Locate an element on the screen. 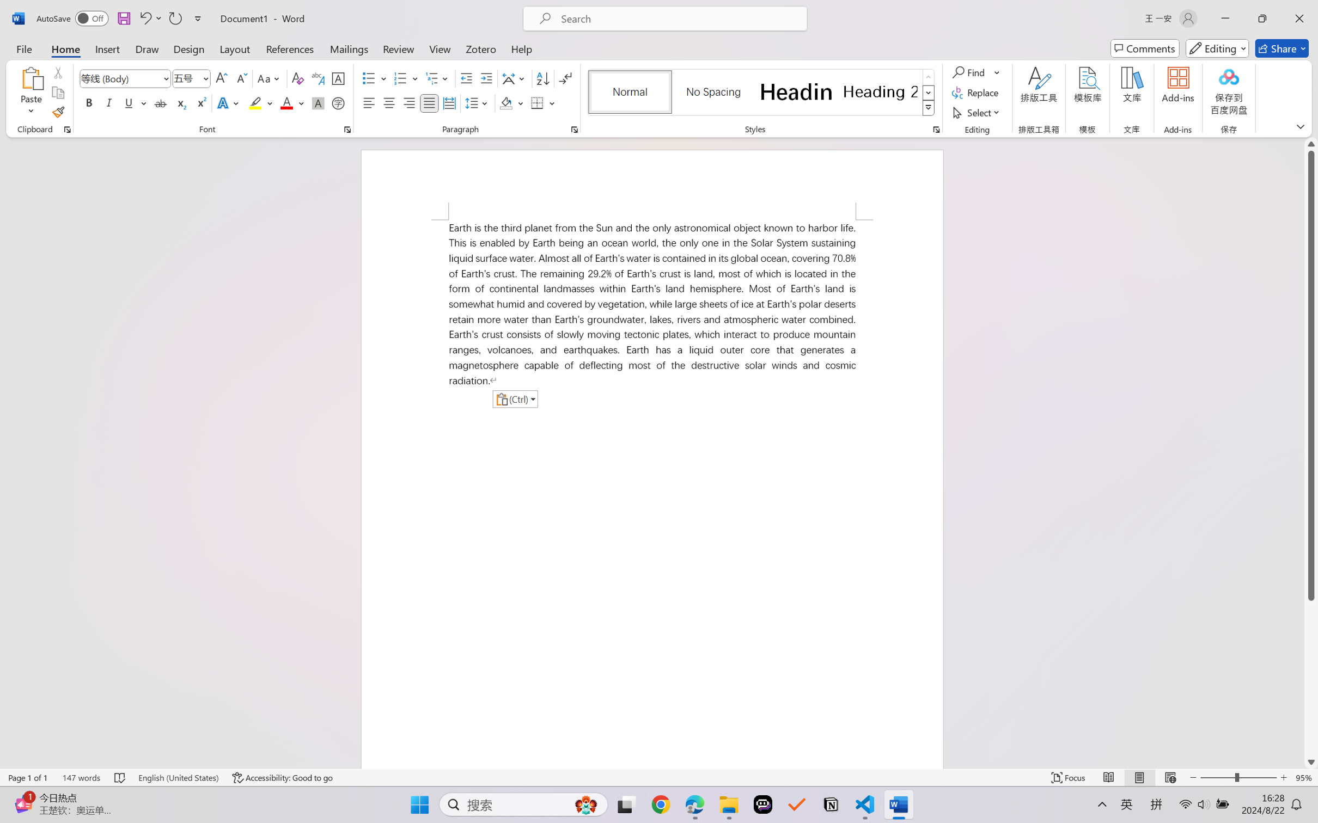  'Help' is located at coordinates (521, 48).